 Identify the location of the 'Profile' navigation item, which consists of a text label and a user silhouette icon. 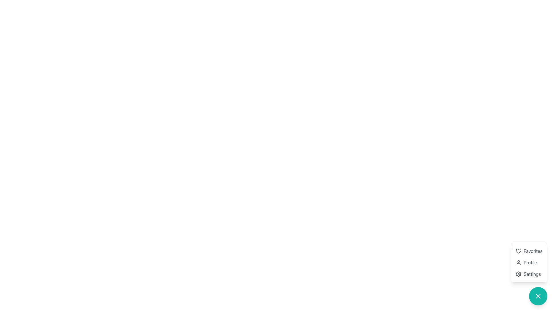
(529, 262).